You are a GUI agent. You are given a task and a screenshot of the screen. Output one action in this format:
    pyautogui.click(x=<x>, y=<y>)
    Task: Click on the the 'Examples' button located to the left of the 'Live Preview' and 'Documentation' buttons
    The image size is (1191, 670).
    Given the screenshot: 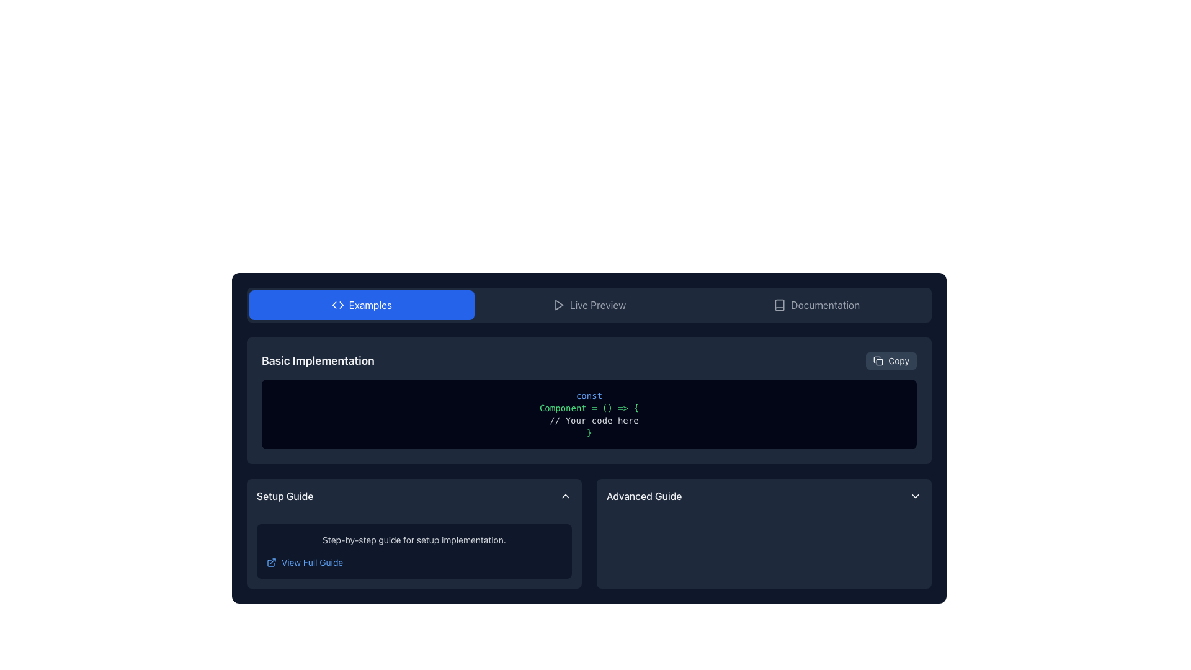 What is the action you would take?
    pyautogui.click(x=361, y=305)
    